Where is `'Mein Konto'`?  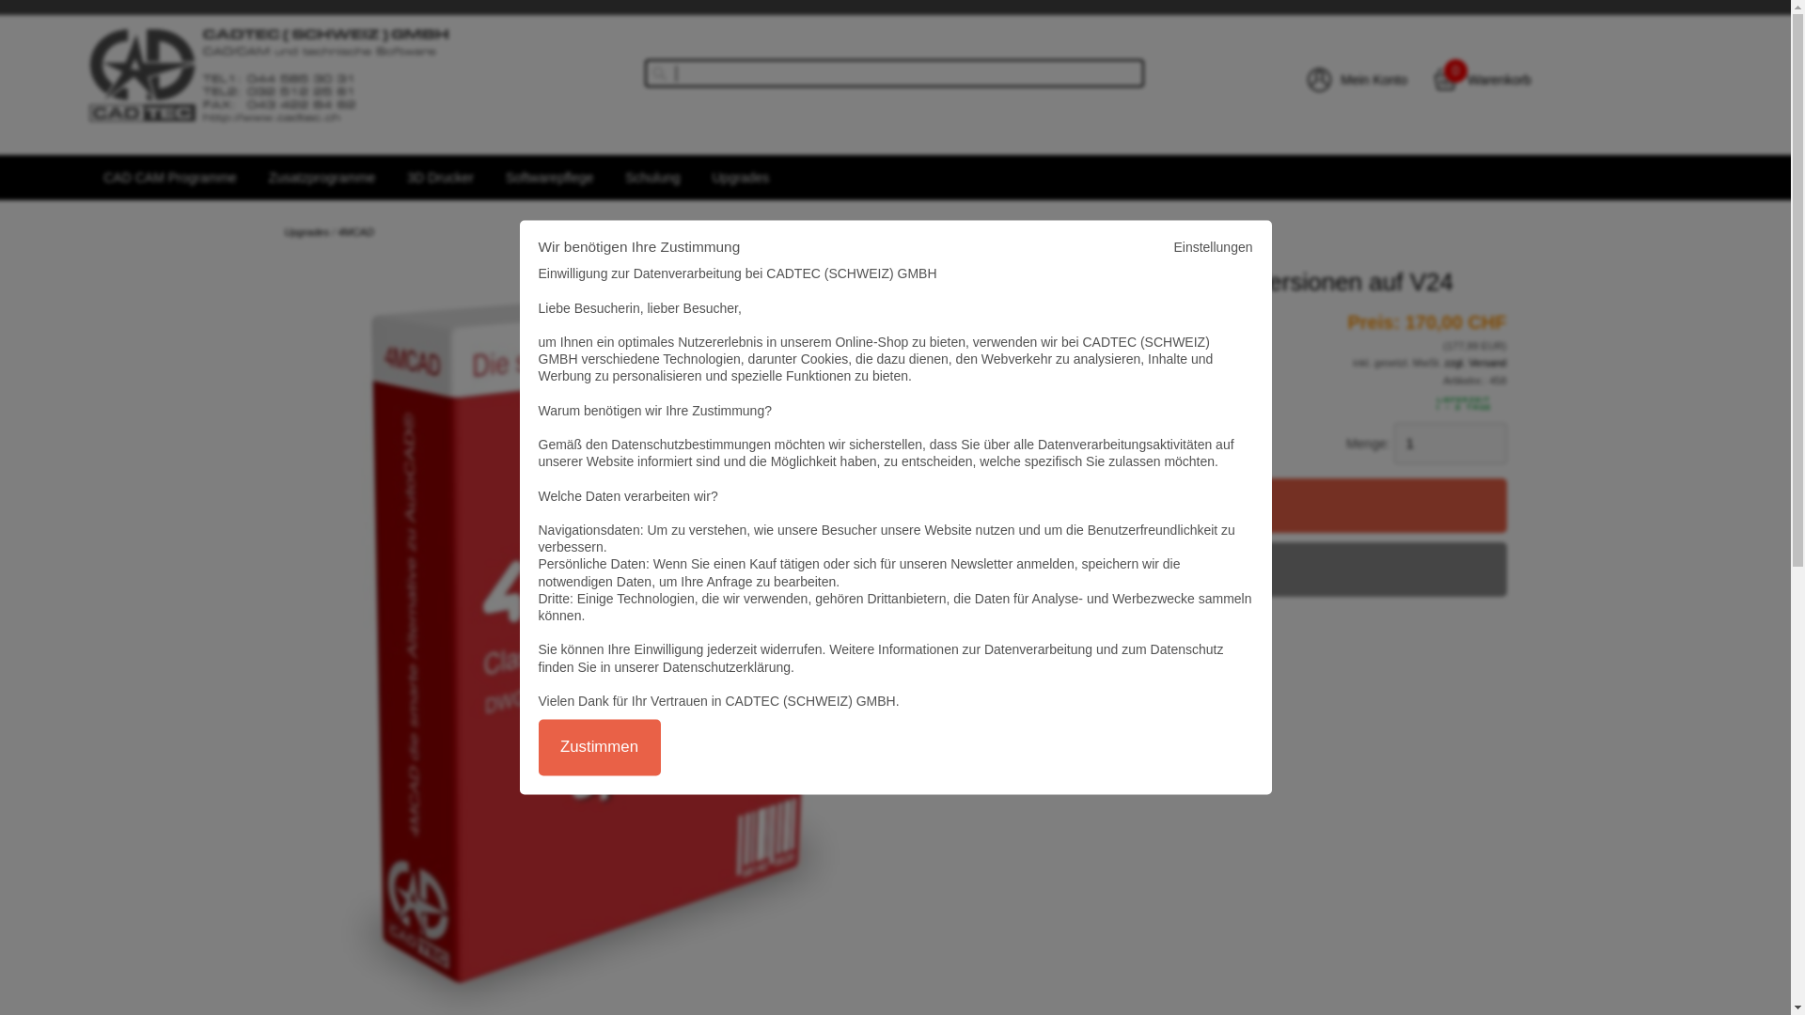 'Mein Konto' is located at coordinates (1373, 78).